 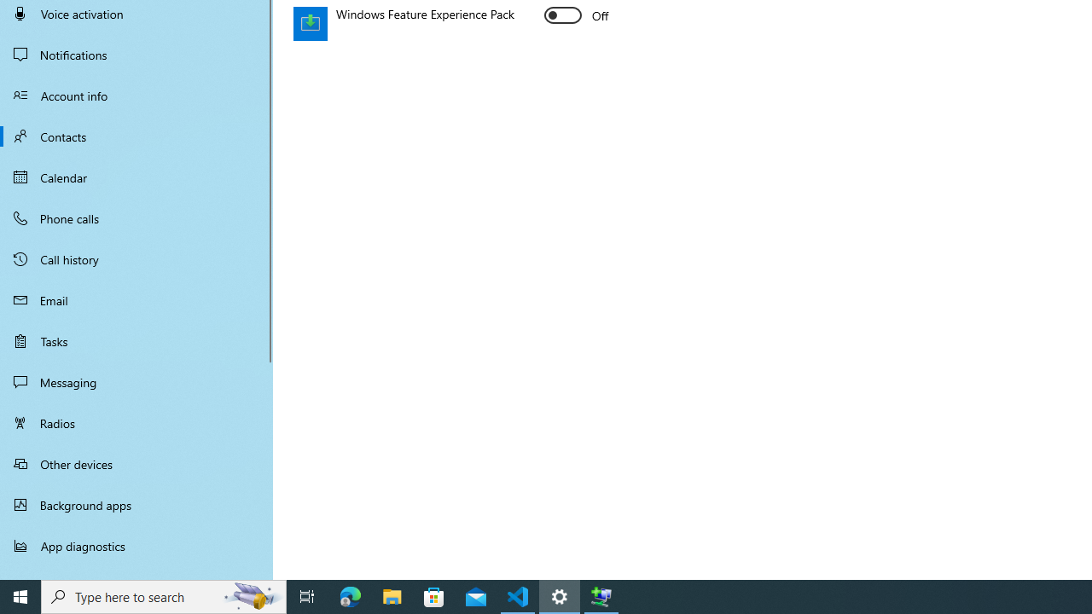 I want to click on 'Start', so click(x=20, y=595).